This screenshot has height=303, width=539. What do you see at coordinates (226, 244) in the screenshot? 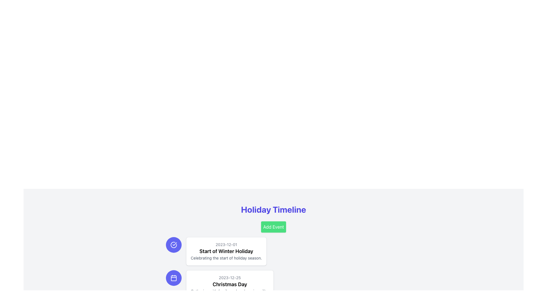
I see `the date text '2023-12-01', which is styled in smaller gray font and positioned above larger text within a rounded rectangular card` at bounding box center [226, 244].